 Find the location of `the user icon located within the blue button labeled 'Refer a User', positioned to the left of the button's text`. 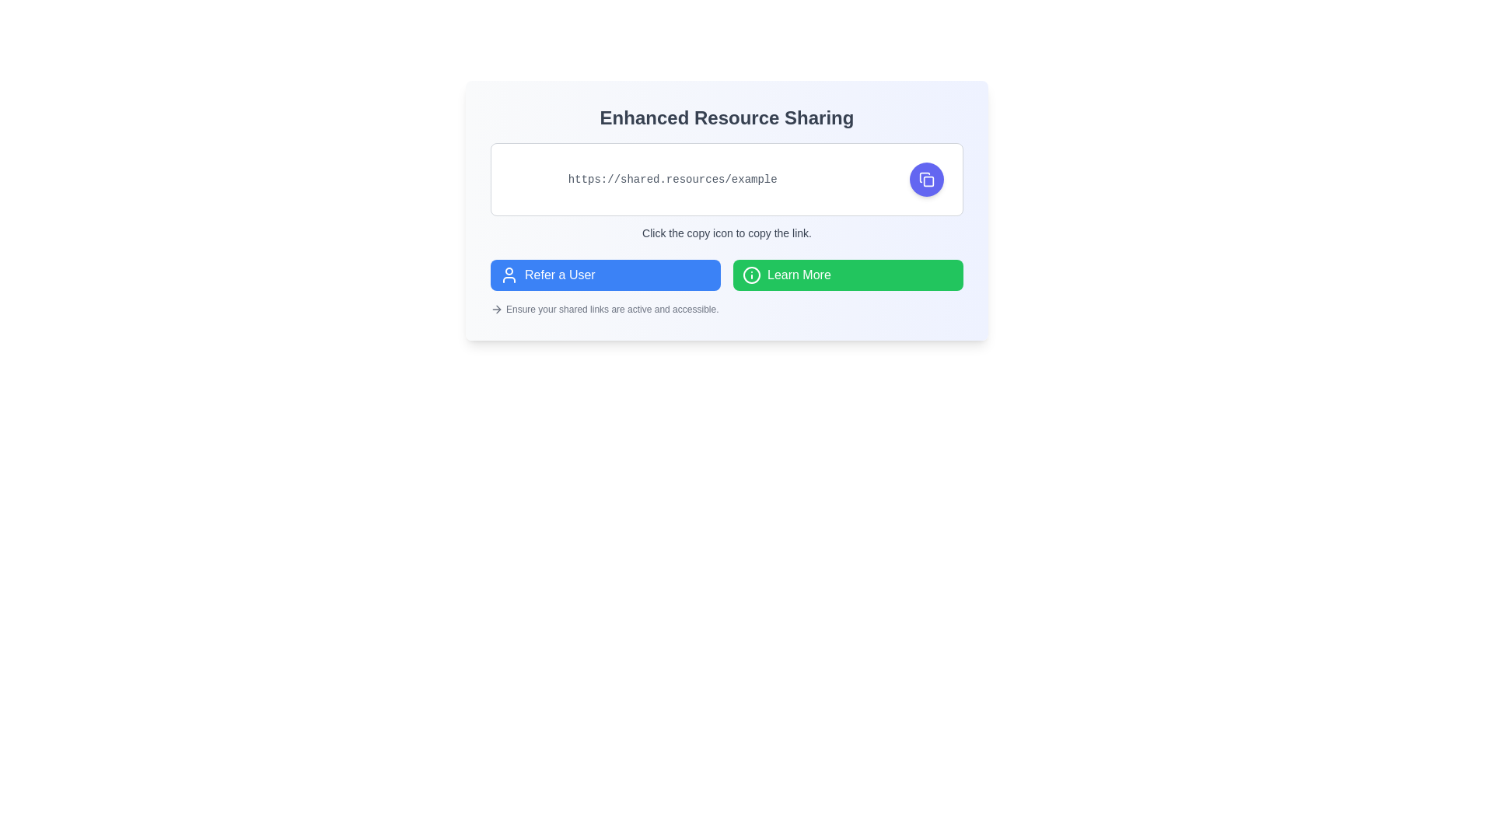

the user icon located within the blue button labeled 'Refer a User', positioned to the left of the button's text is located at coordinates (509, 275).